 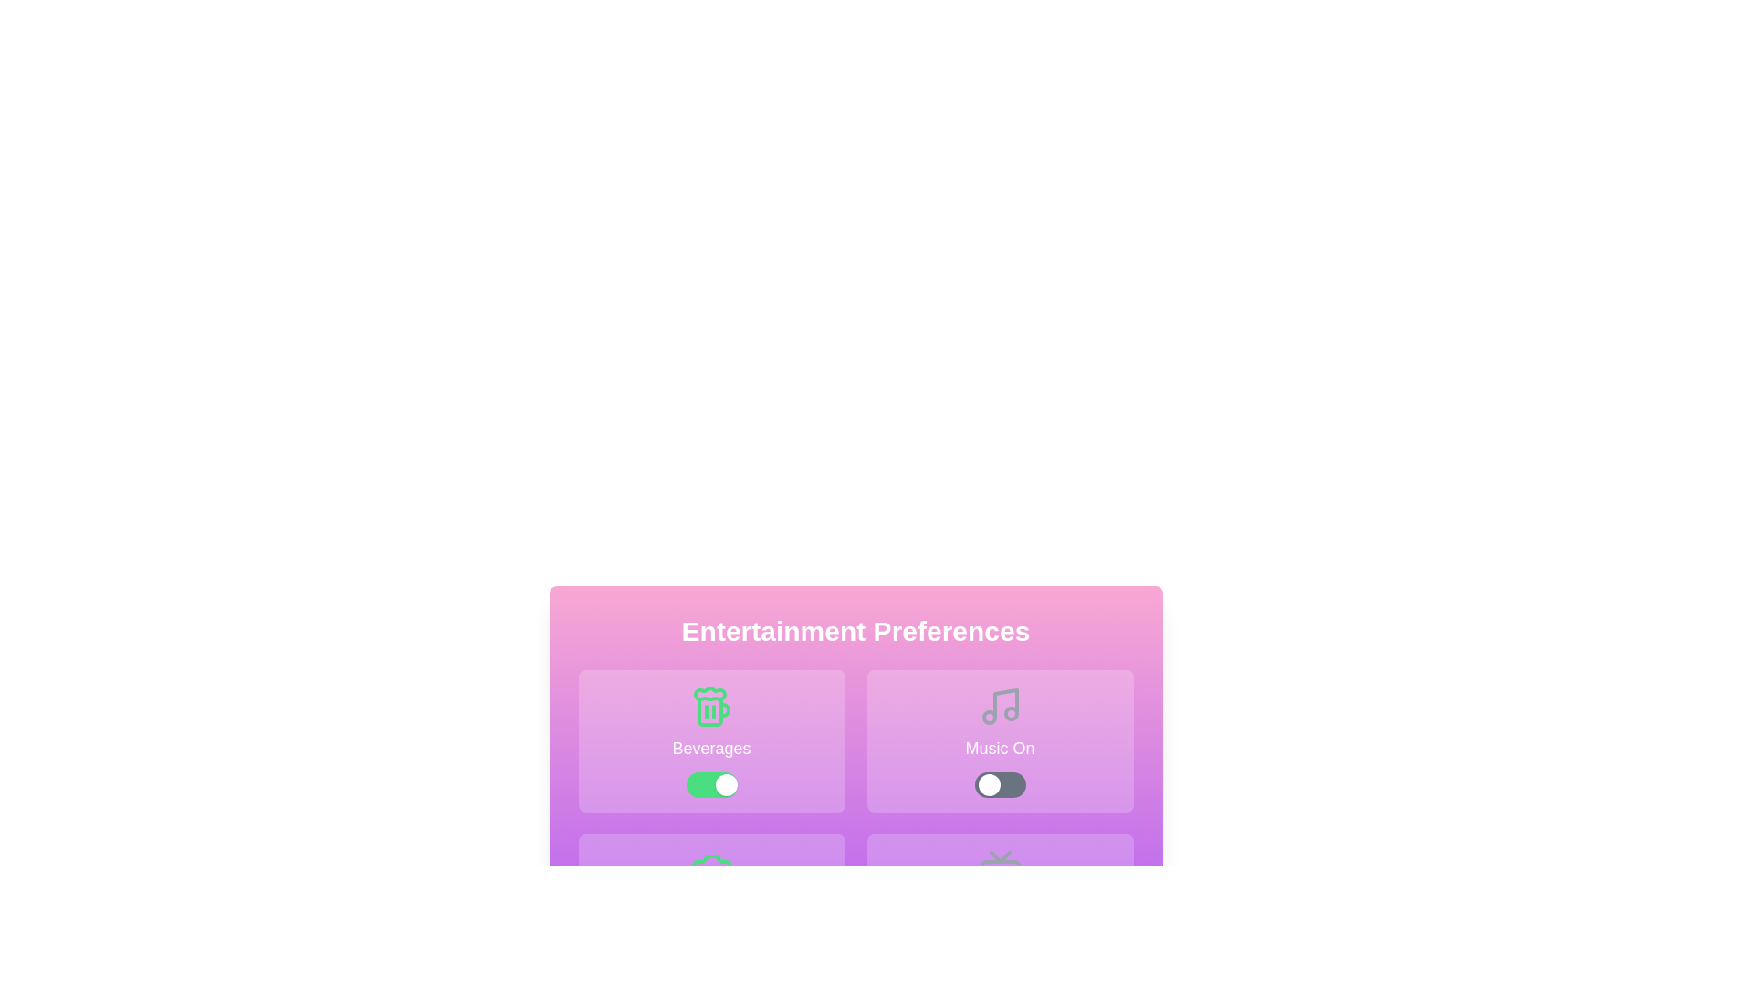 What do you see at coordinates (710, 741) in the screenshot?
I see `the icon corresponding to the feature Beverages` at bounding box center [710, 741].